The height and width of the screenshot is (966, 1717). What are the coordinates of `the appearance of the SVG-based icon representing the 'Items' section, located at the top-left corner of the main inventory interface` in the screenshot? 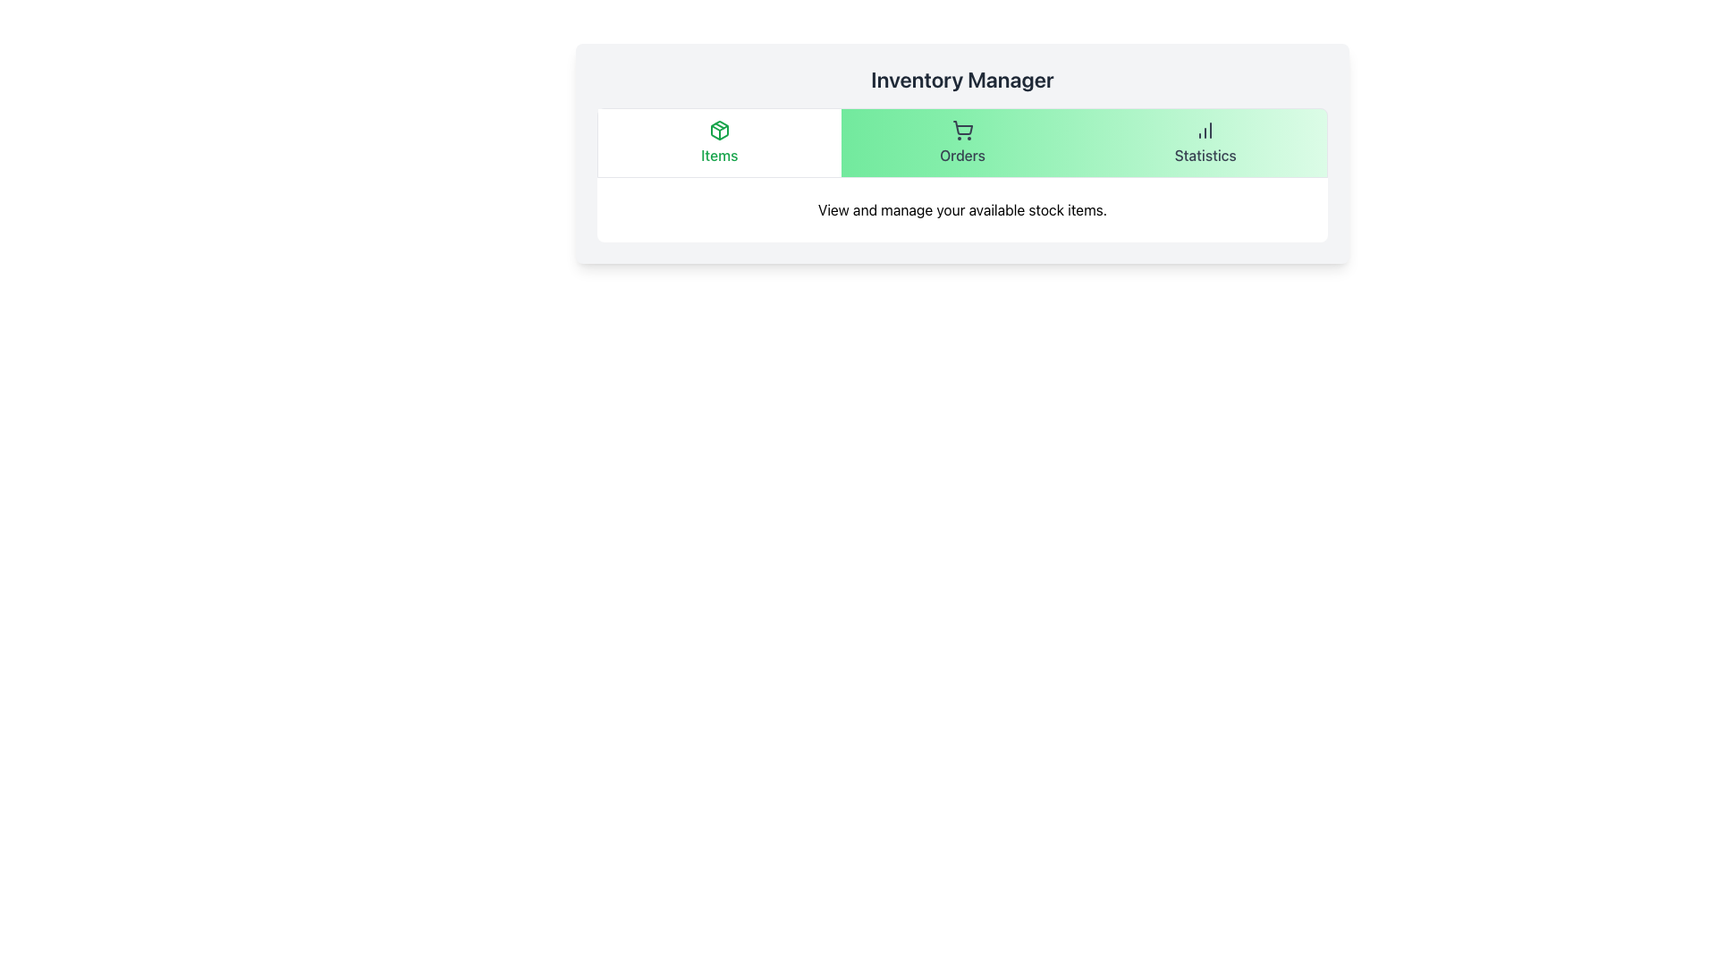 It's located at (719, 130).